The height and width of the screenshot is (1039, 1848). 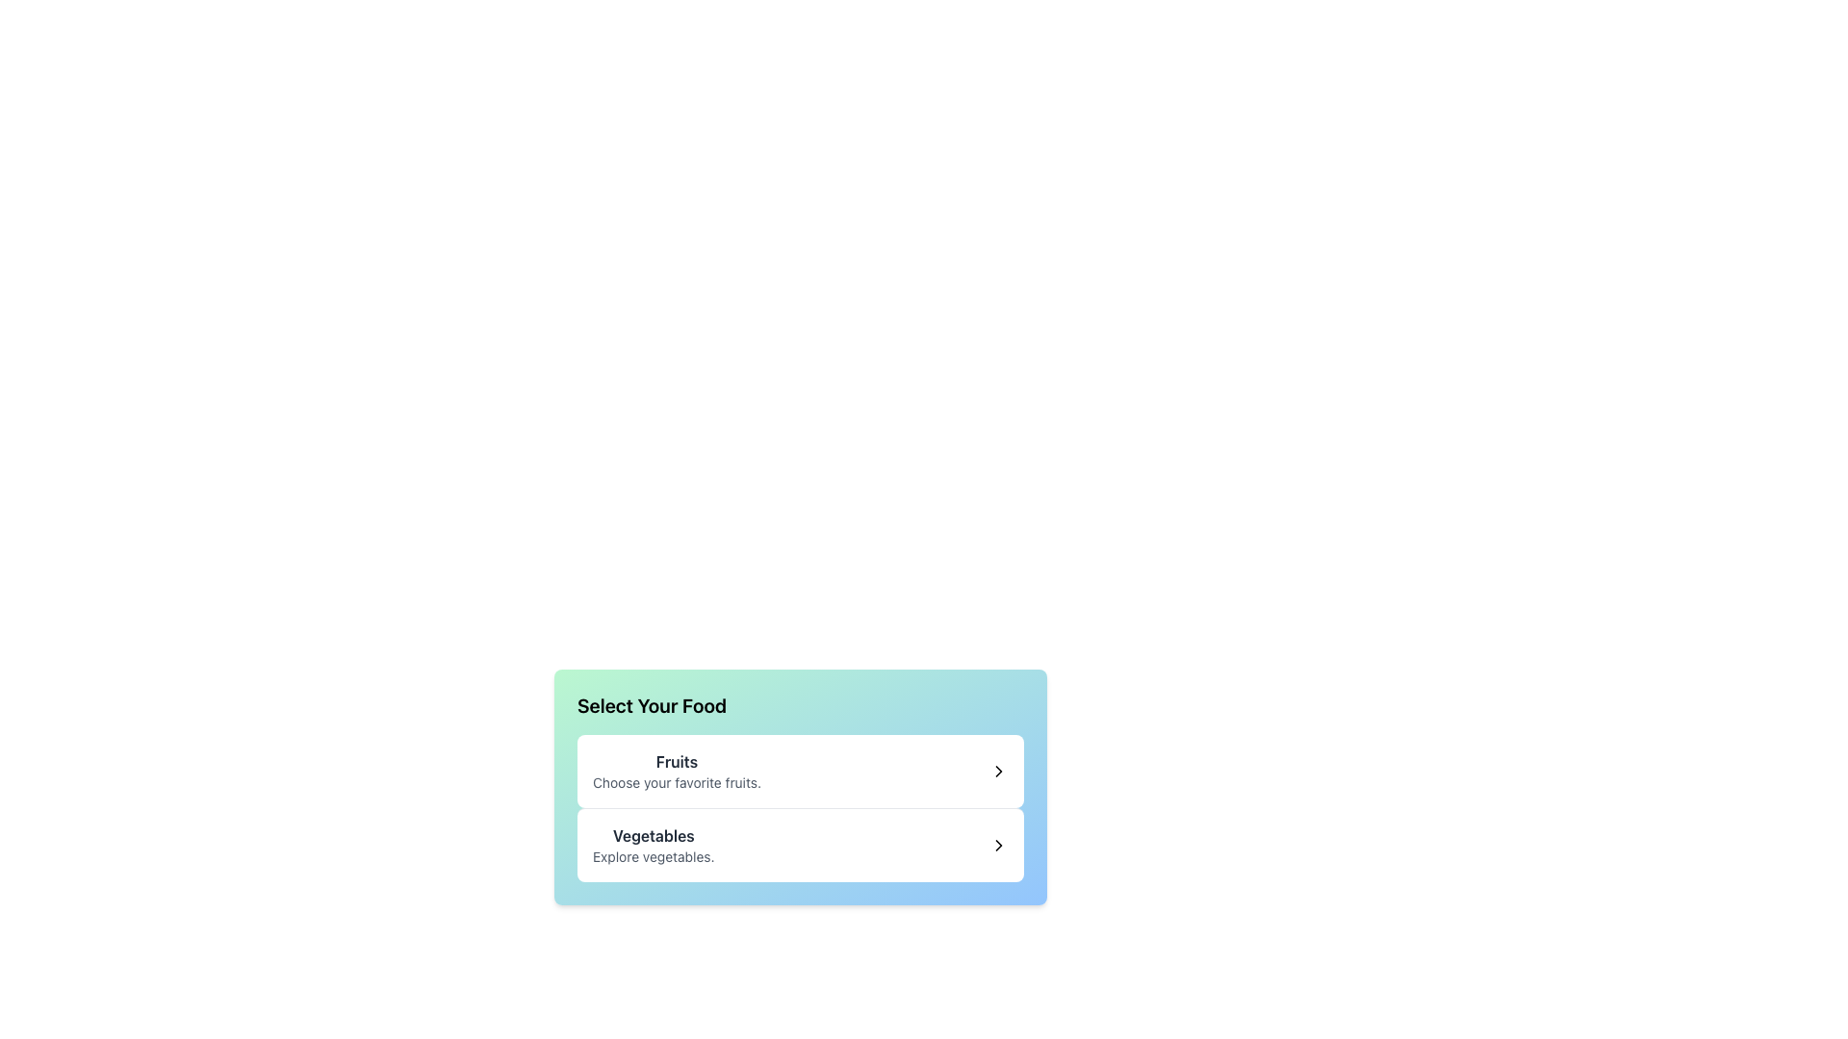 I want to click on the 'Fruits' text label which serves as the title for a selectable category, indicating the section for fruits, so click(x=677, y=760).